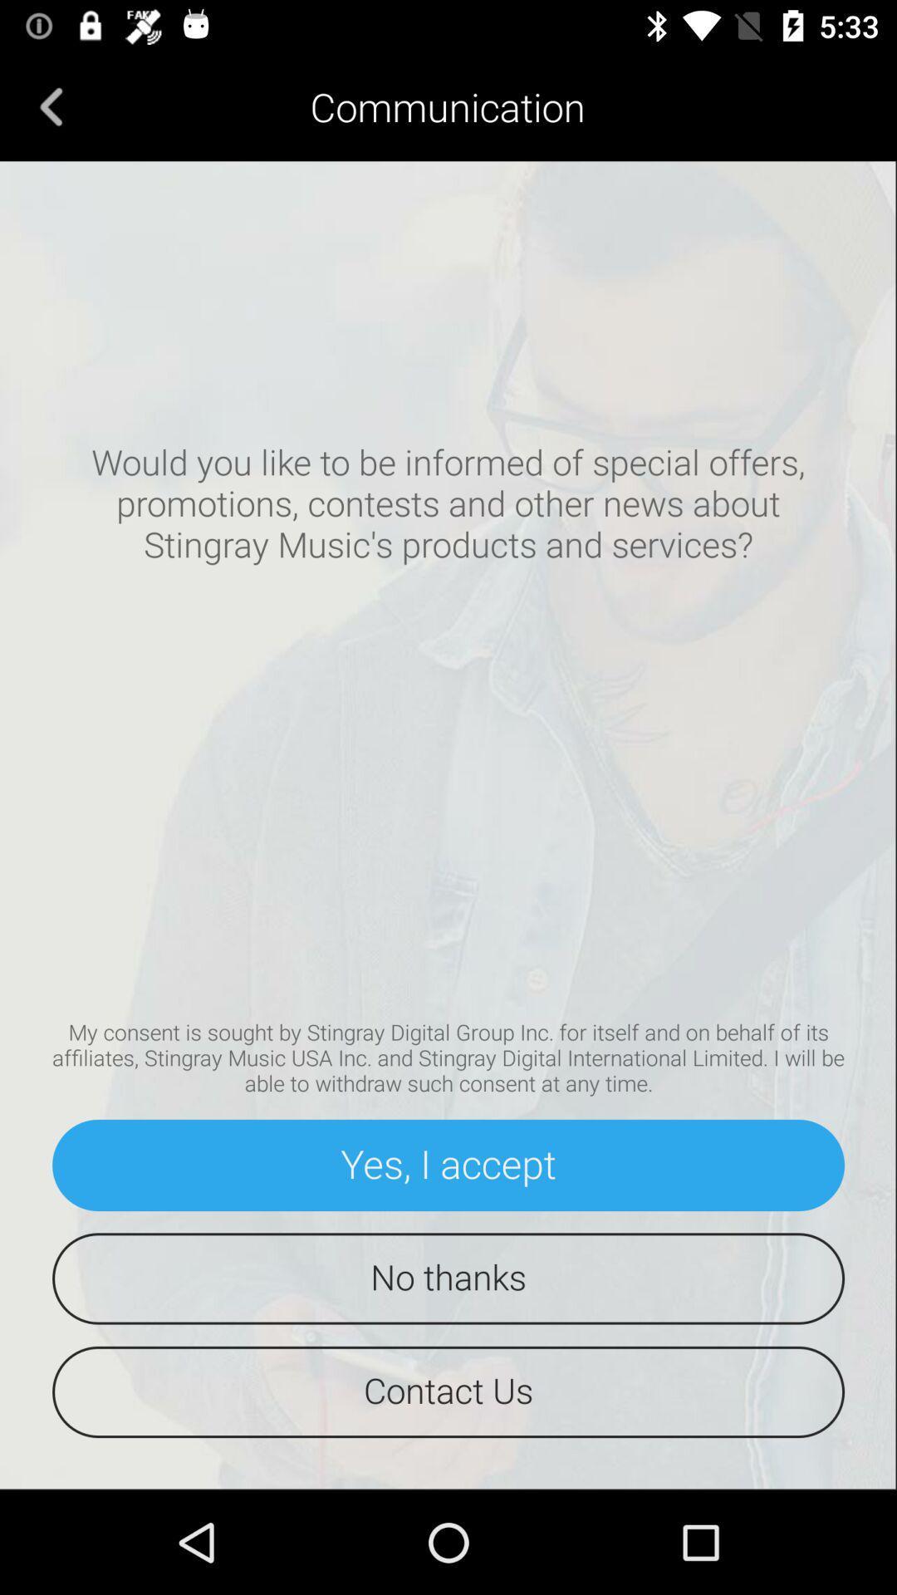  I want to click on icon next to the communication, so click(51, 106).